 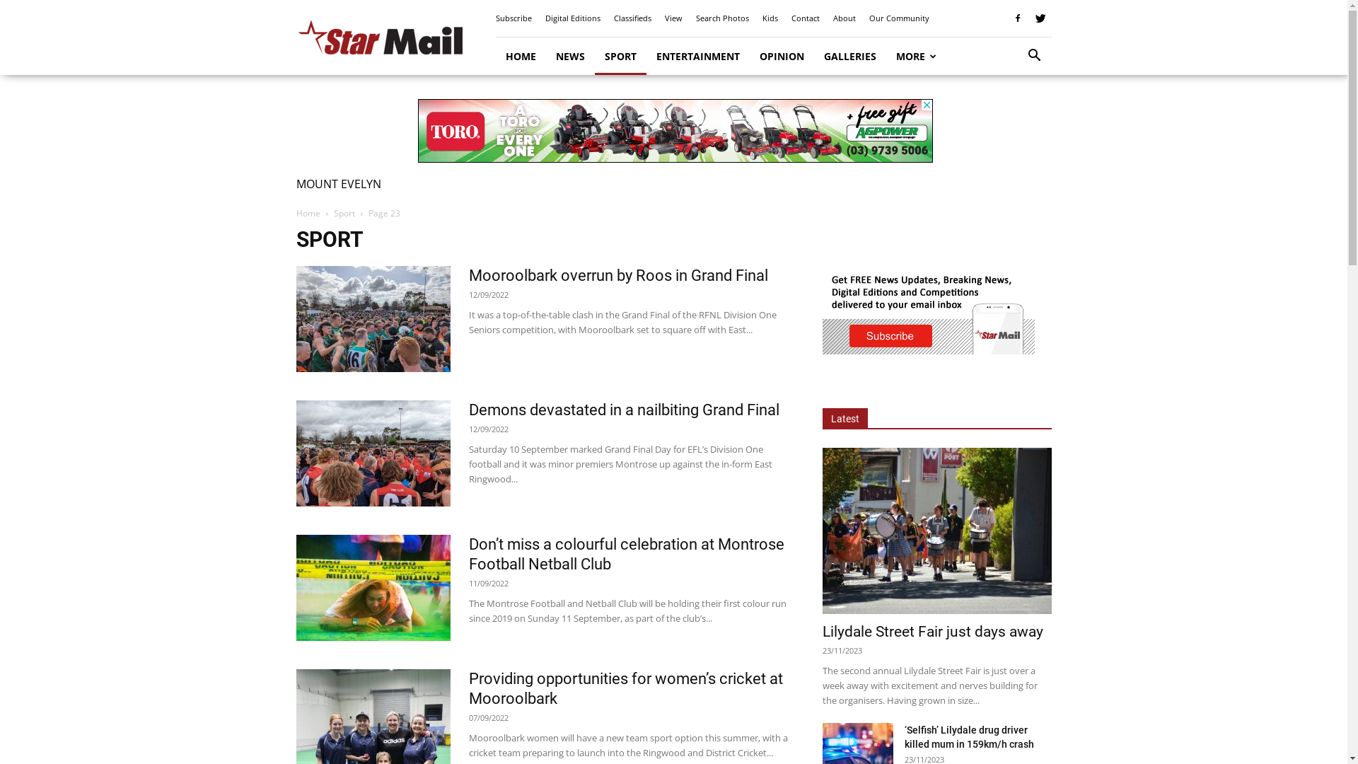 What do you see at coordinates (770, 18) in the screenshot?
I see `'Kids'` at bounding box center [770, 18].